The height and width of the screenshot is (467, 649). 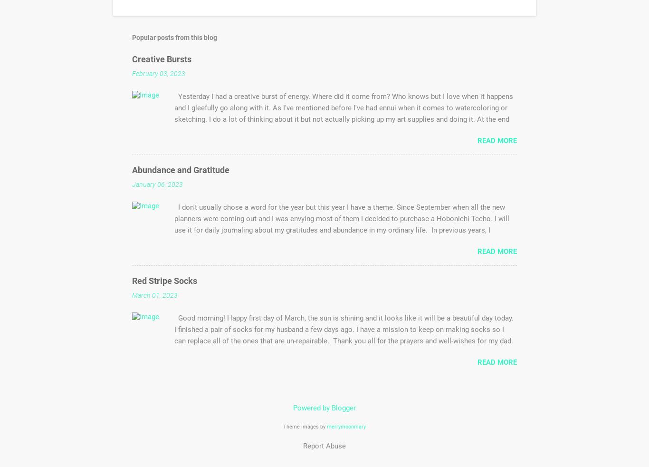 I want to click on 'Theme images by', so click(x=305, y=426).